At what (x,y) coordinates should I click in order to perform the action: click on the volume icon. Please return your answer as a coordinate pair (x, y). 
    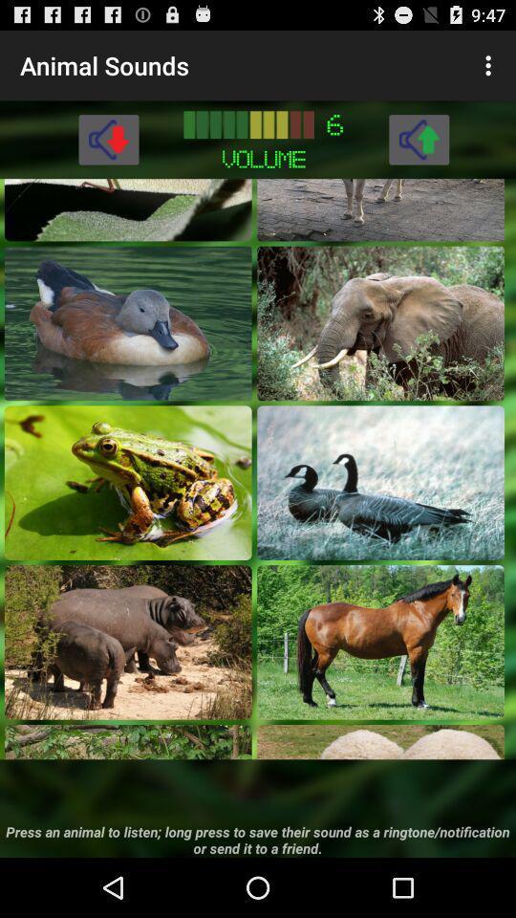
    Looking at the image, I should click on (418, 148).